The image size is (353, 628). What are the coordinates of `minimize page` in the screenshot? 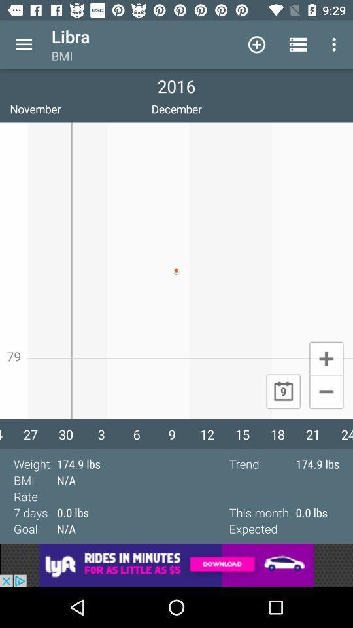 It's located at (326, 392).